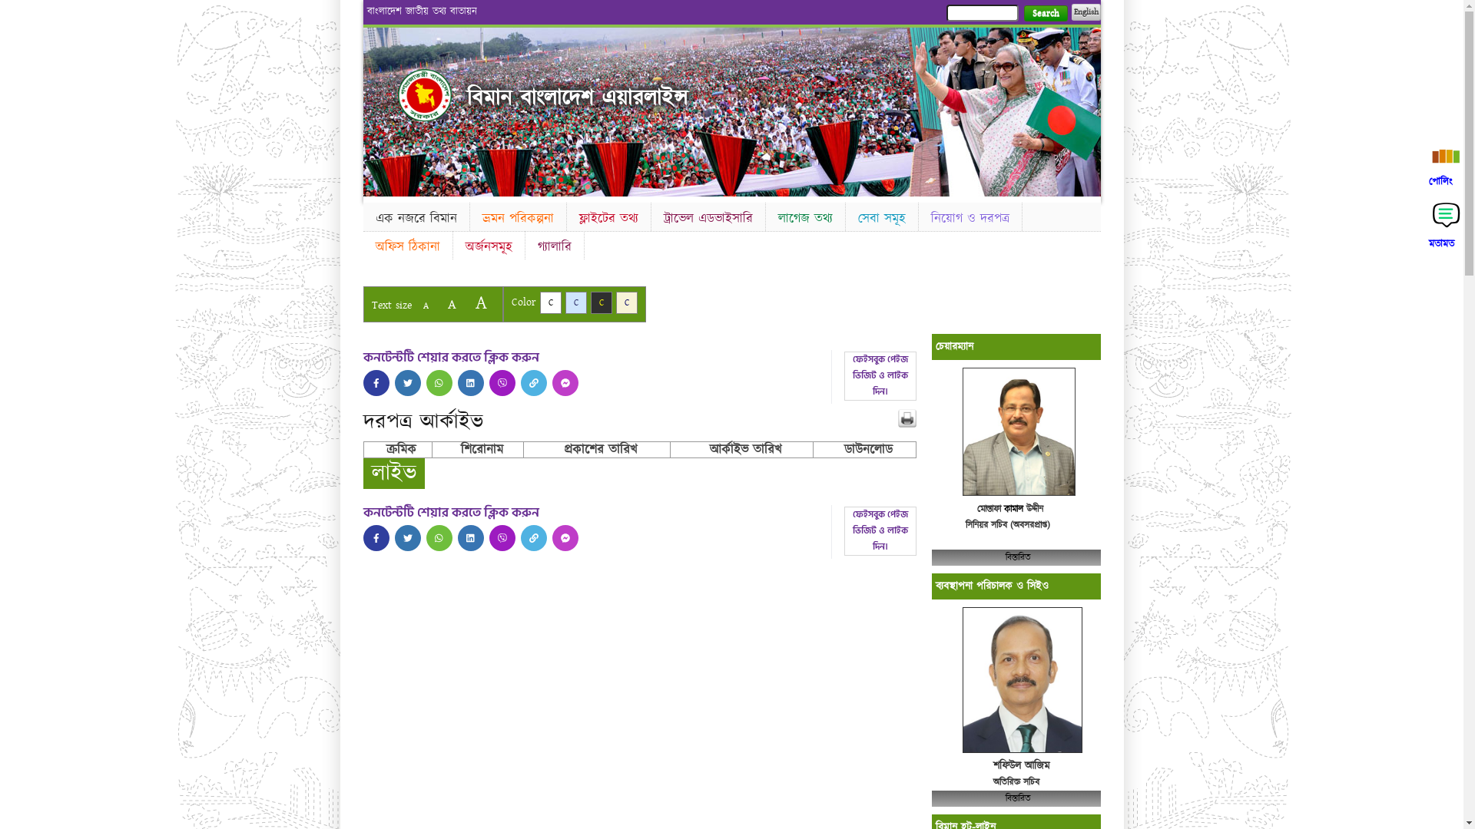 The image size is (1475, 829). I want to click on 'English', so click(1084, 12).